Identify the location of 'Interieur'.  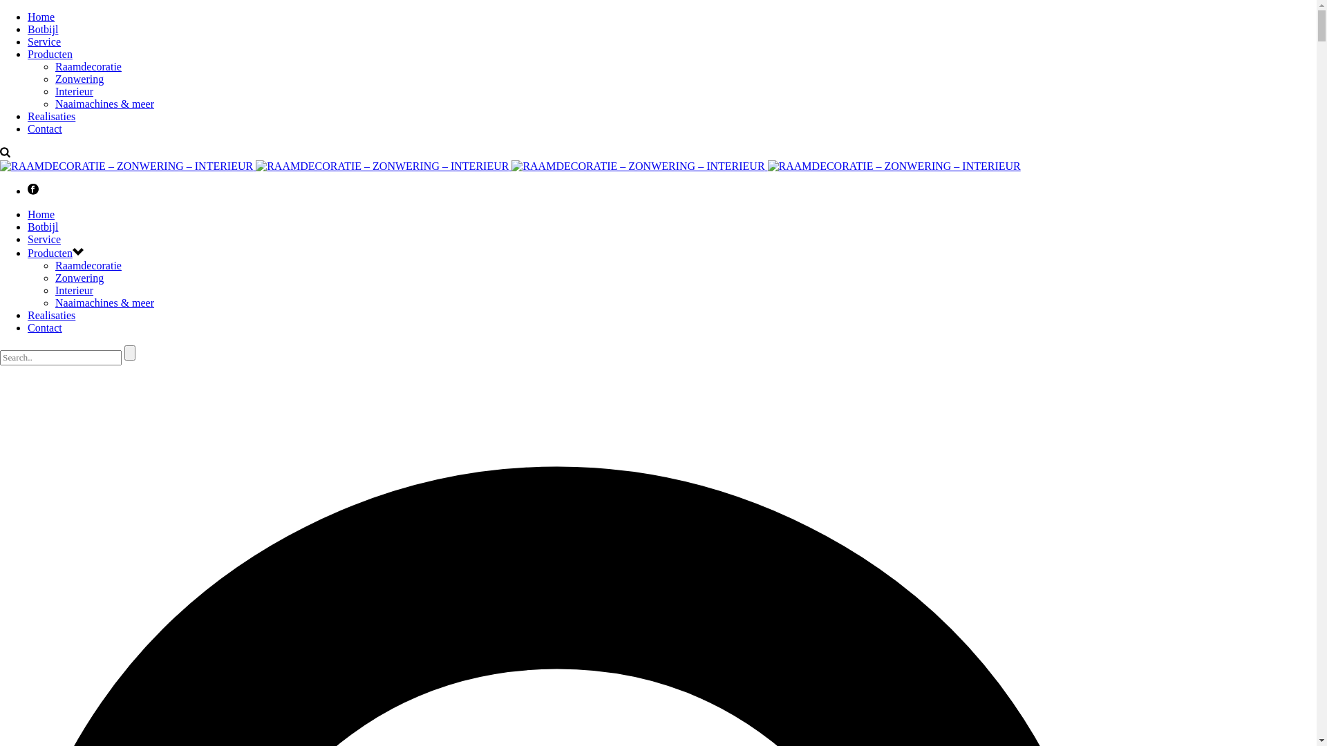
(73, 289).